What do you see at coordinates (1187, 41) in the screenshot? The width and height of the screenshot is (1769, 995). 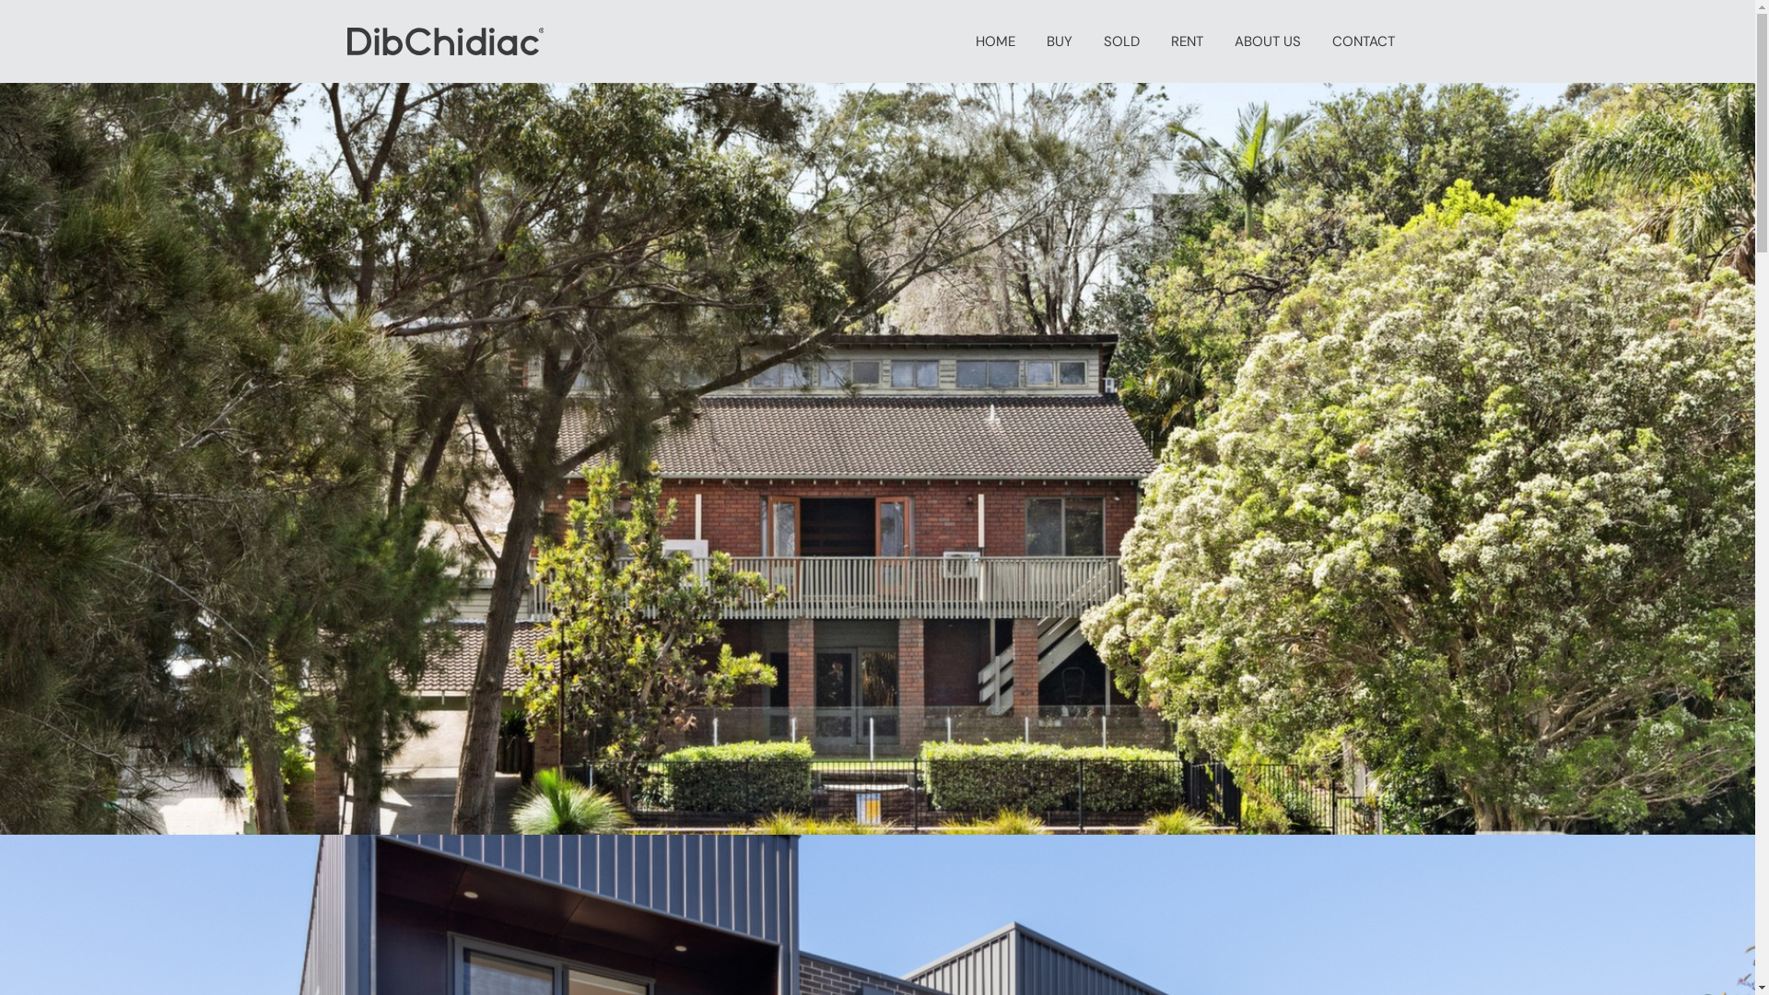 I see `'RENT'` at bounding box center [1187, 41].